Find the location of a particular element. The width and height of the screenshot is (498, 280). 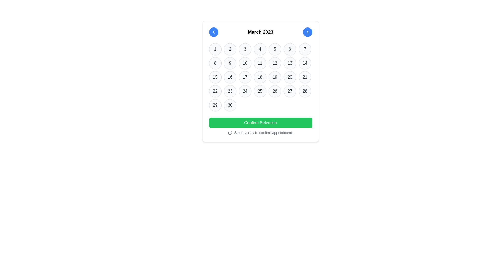

the circular button with a light gray background and the number '24' is located at coordinates (245, 91).